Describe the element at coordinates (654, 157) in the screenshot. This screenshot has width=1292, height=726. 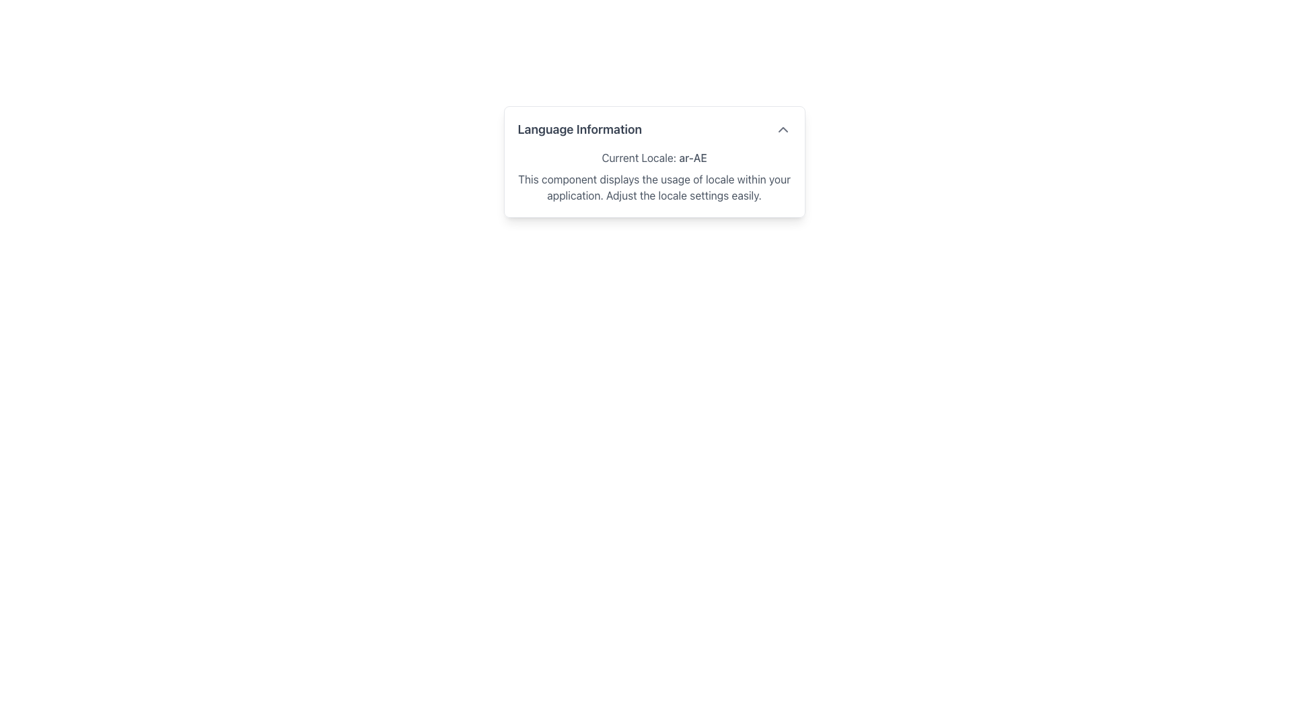
I see `the Text Label displaying the current application locale setting 'ar-AE', located below the title 'Language Information'` at that location.